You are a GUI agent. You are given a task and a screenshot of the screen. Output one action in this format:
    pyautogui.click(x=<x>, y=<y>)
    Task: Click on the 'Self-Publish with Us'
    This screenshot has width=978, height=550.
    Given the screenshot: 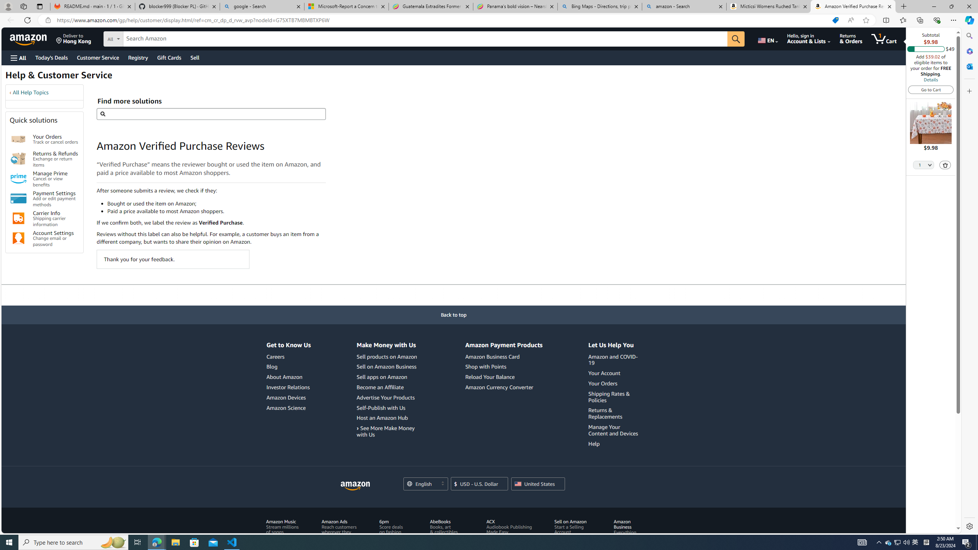 What is the action you would take?
    pyautogui.click(x=381, y=407)
    